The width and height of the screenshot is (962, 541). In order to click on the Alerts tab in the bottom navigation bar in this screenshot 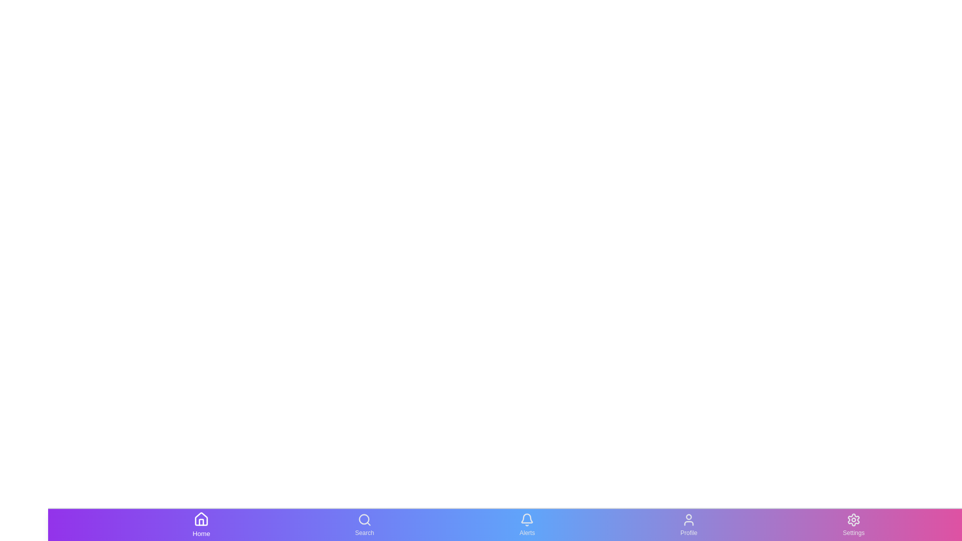, I will do `click(526, 524)`.